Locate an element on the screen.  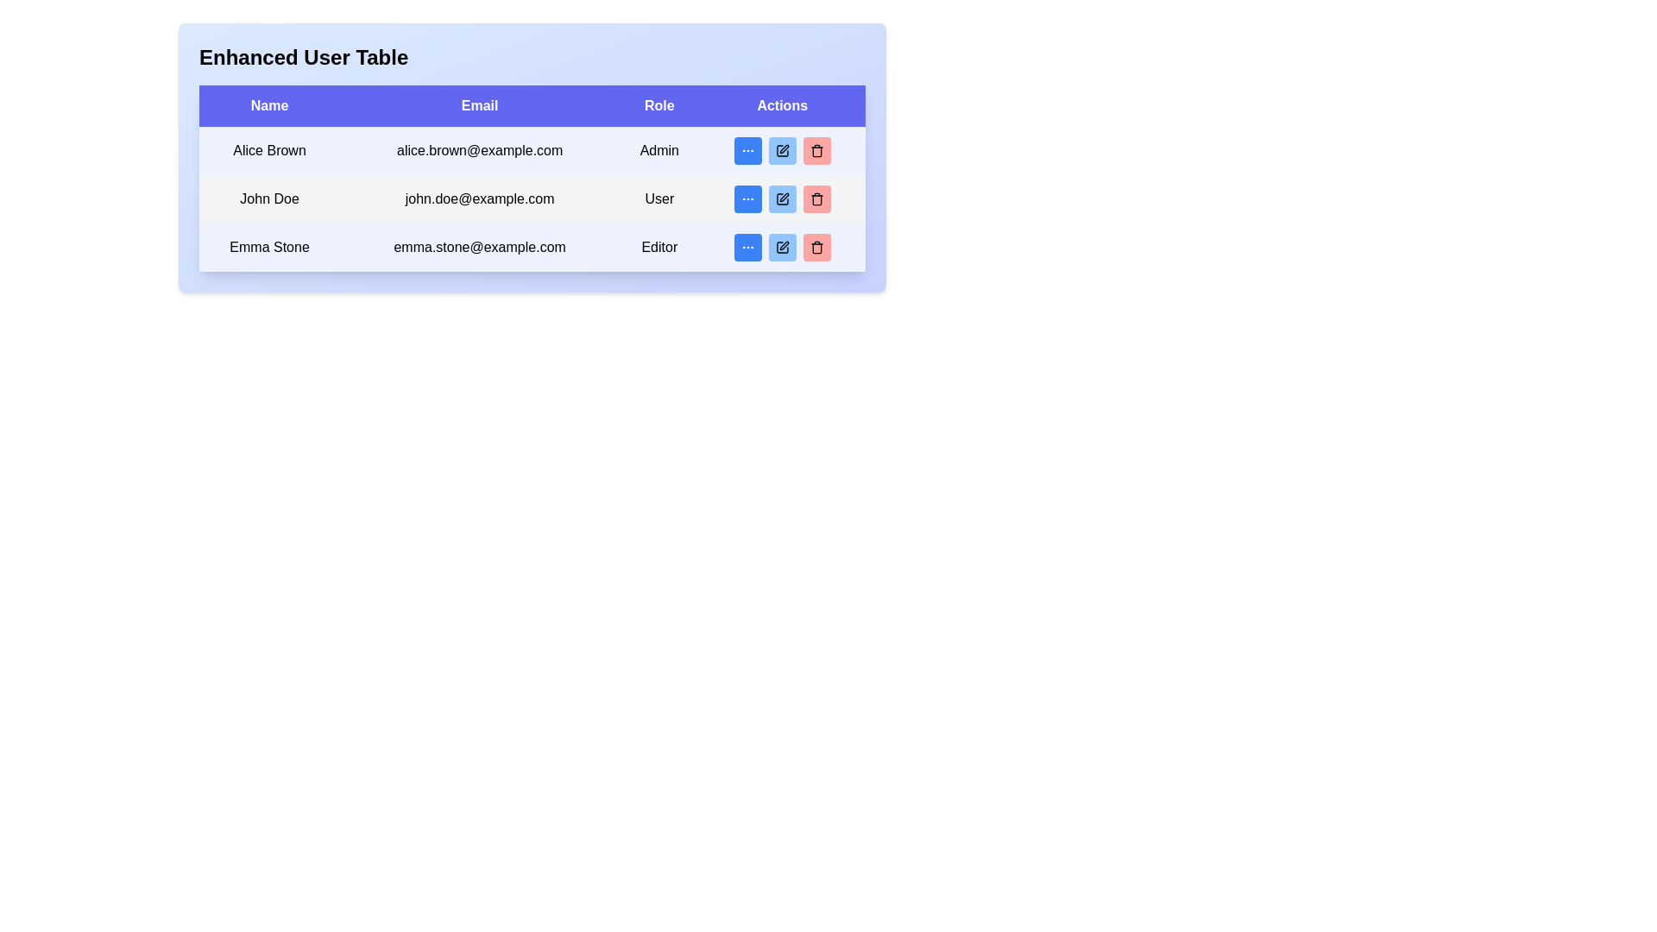
the trash can button with a red background in the 'Actions' column for user 'John Doe' to change its background color is located at coordinates (816, 198).